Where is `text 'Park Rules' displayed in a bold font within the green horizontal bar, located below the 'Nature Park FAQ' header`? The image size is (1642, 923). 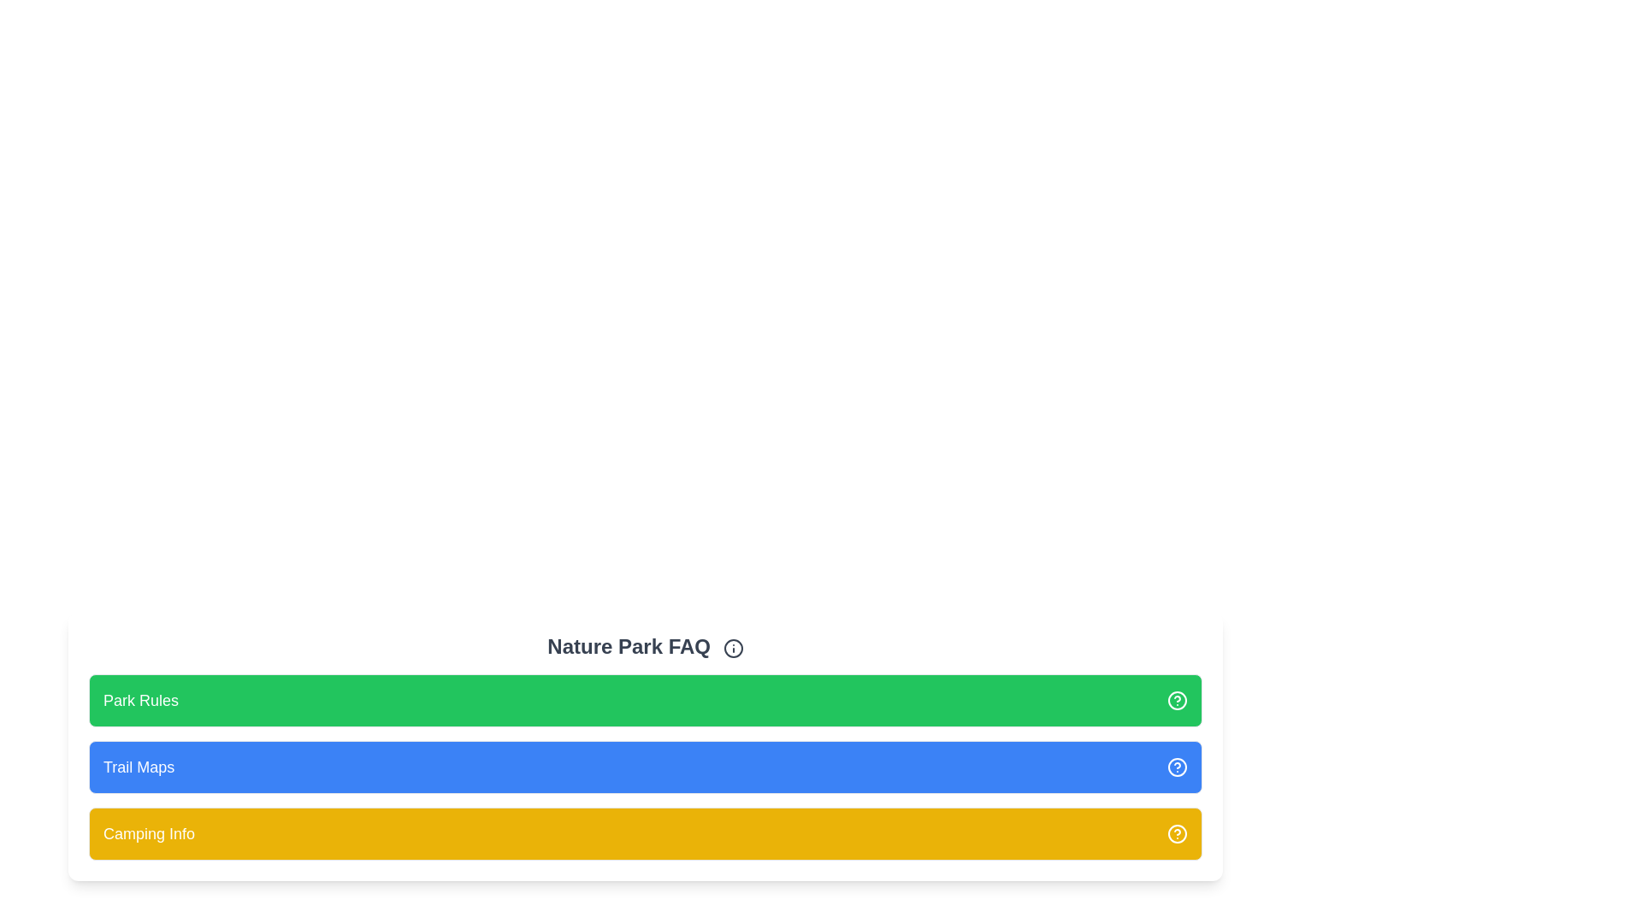
text 'Park Rules' displayed in a bold font within the green horizontal bar, located below the 'Nature Park FAQ' header is located at coordinates (140, 701).